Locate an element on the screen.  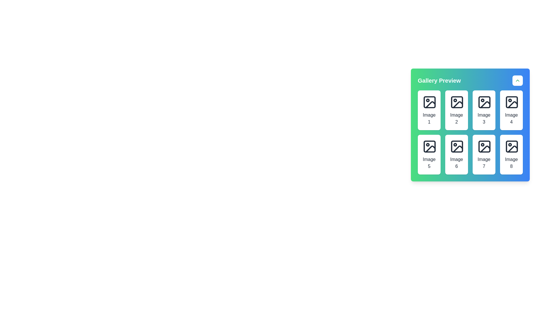
rectangular visual component representing part of the image preview in the upper-right corner of the fourth image card in the gallery grid for debugging purposes is located at coordinates (512, 102).